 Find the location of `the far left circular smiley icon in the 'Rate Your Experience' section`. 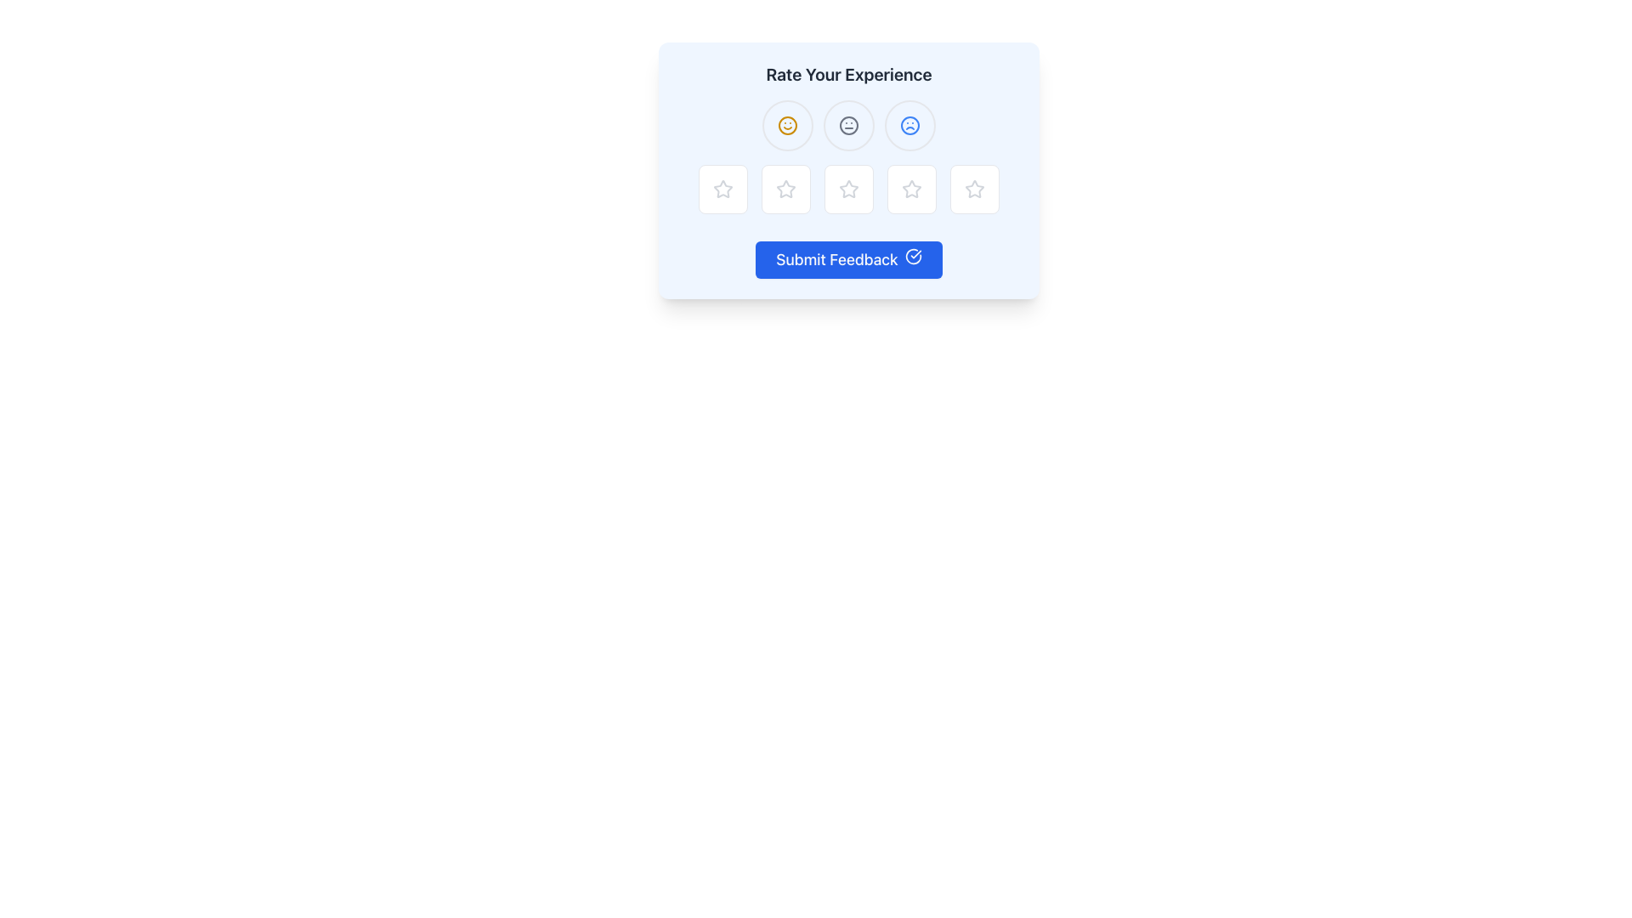

the far left circular smiley icon in the 'Rate Your Experience' section is located at coordinates (786, 124).